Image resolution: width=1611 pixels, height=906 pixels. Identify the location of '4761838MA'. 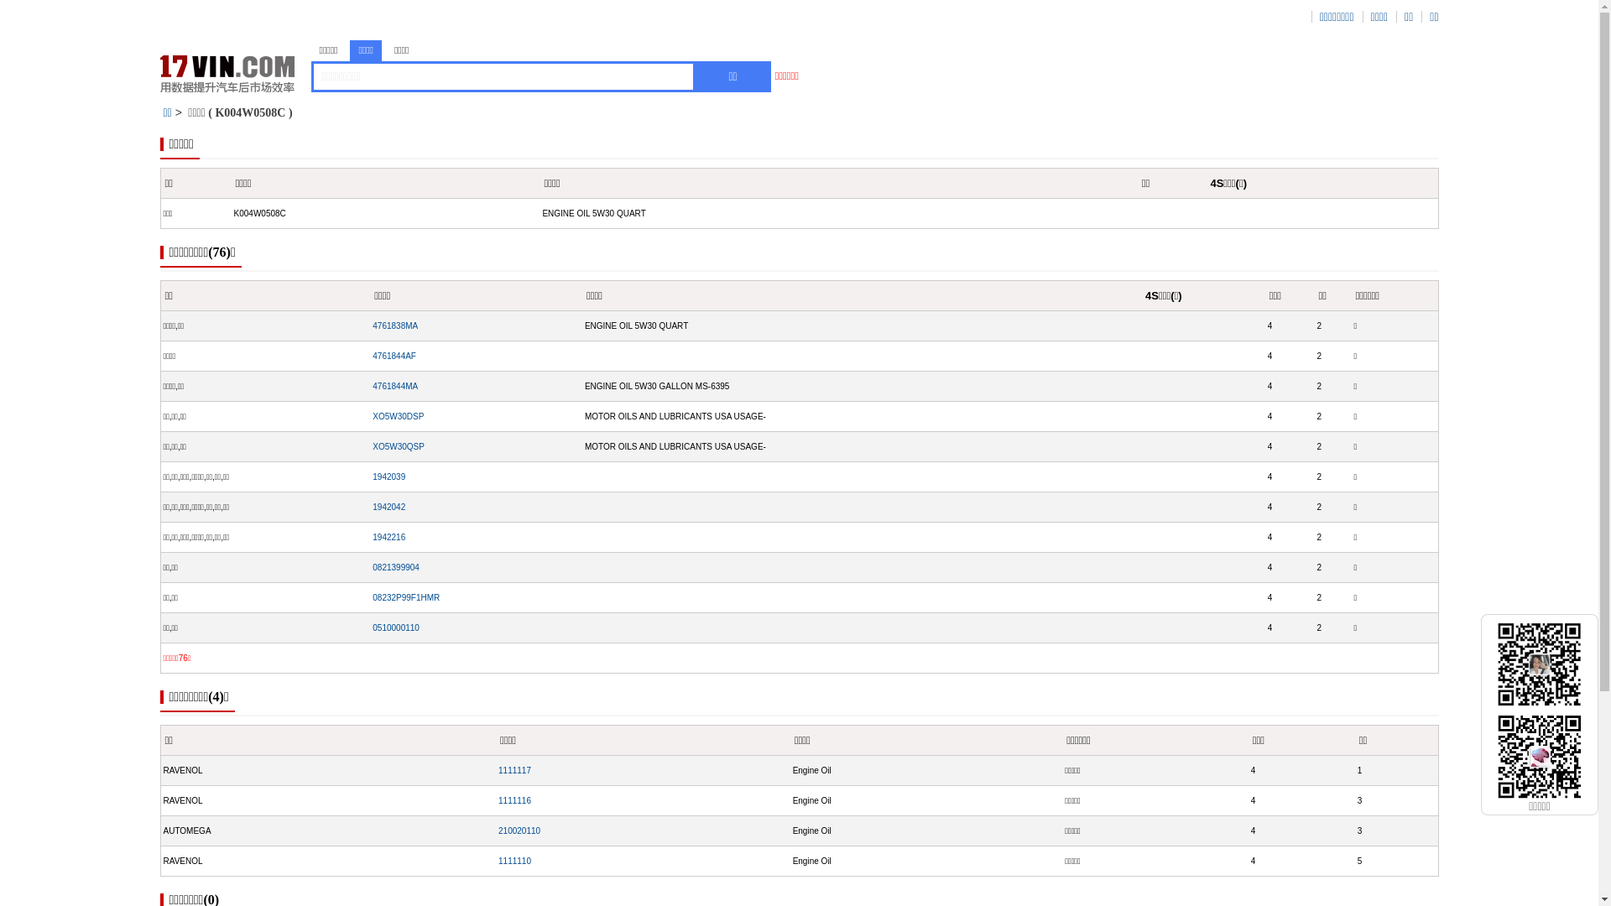
(394, 325).